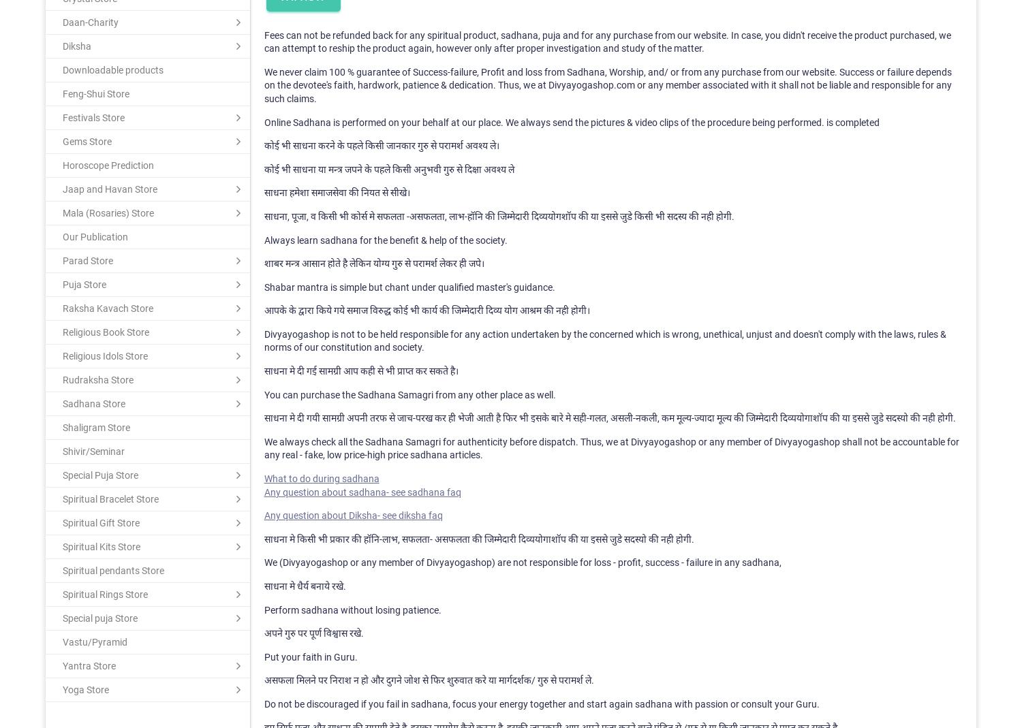 Image resolution: width=1022 pixels, height=728 pixels. Describe the element at coordinates (61, 236) in the screenshot. I see `'Our Publication'` at that location.